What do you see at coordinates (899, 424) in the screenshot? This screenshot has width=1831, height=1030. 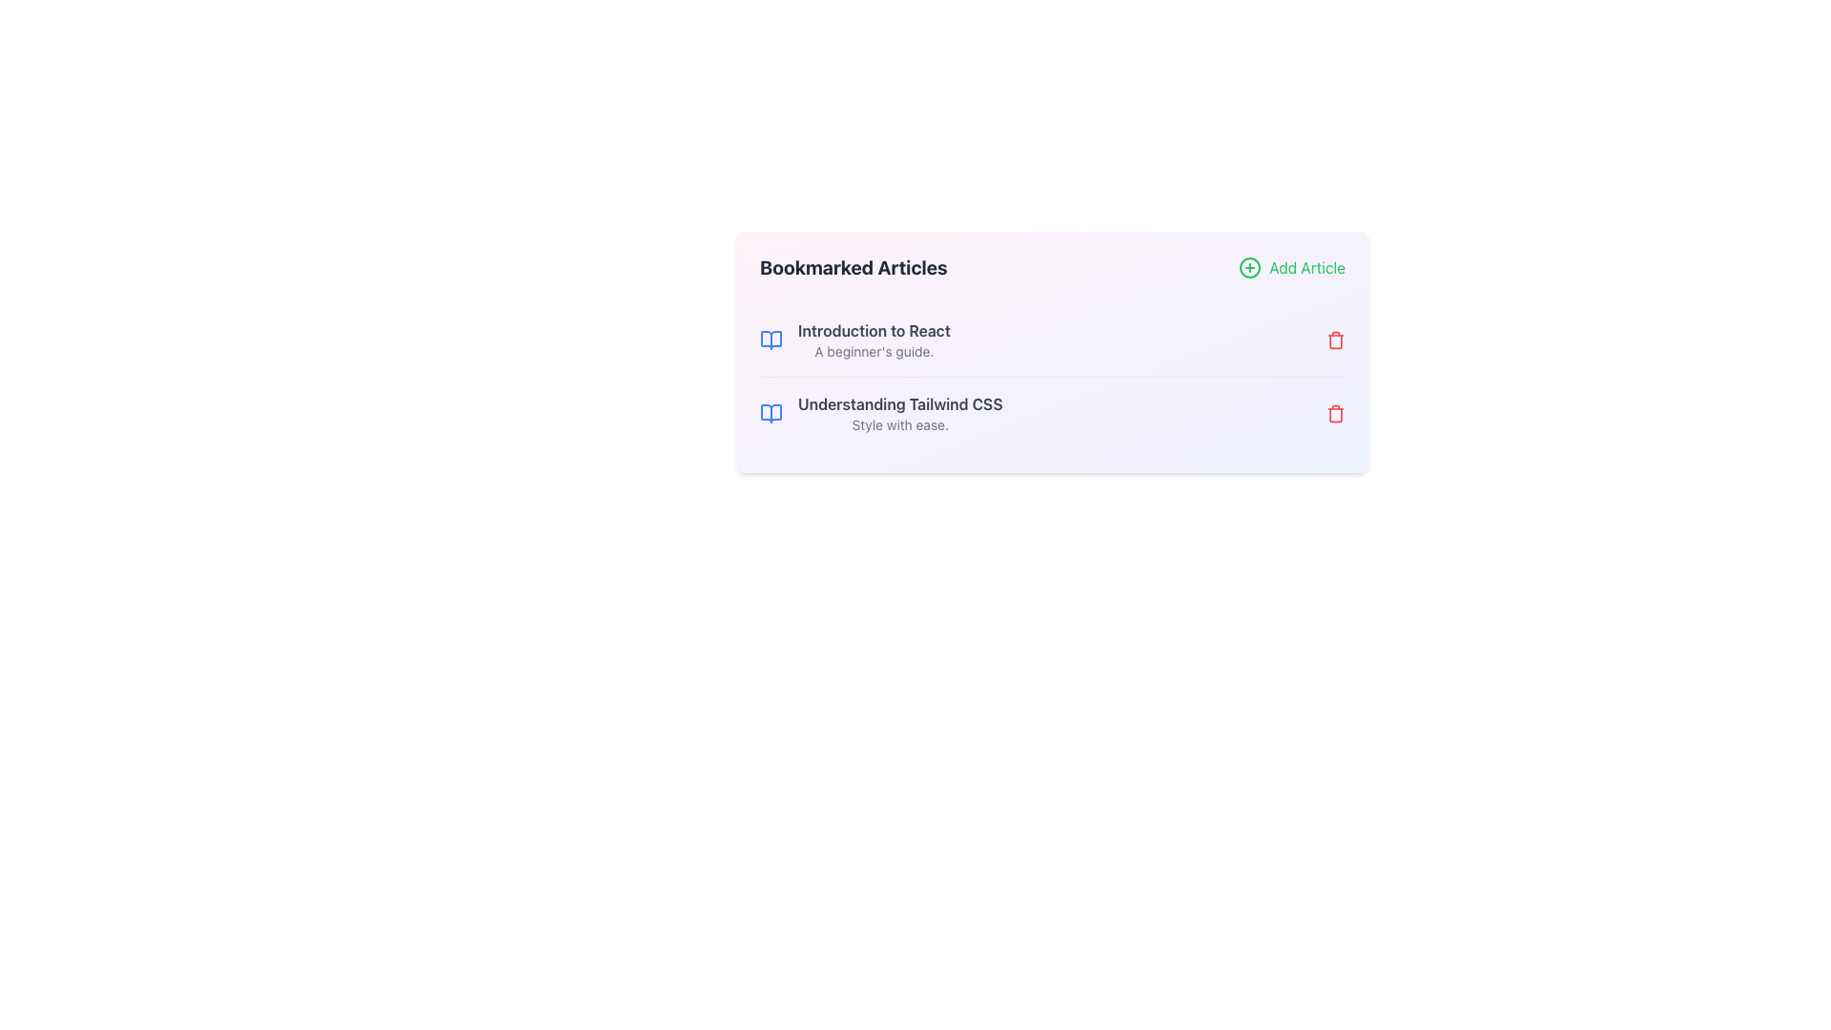 I see `the subtitle text 'Style with ease.' which is styled in small-sized, gray-colored font and positioned below the title 'Understanding Tailwind CSS' in the list of bookmarked articles` at bounding box center [899, 424].